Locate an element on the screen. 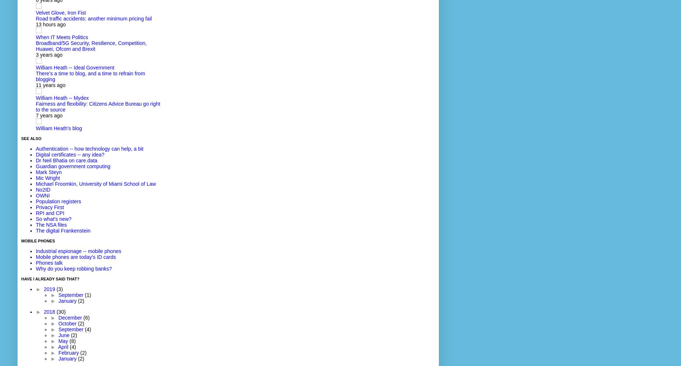  'Phones talk' is located at coordinates (49, 263).